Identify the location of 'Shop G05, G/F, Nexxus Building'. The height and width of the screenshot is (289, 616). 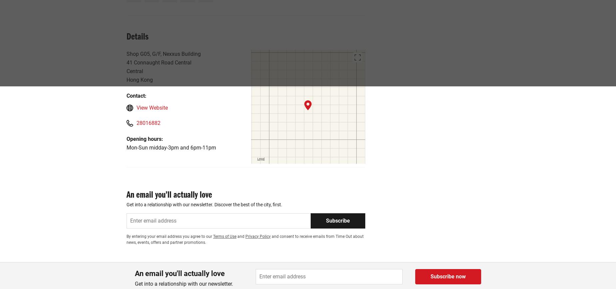
(163, 53).